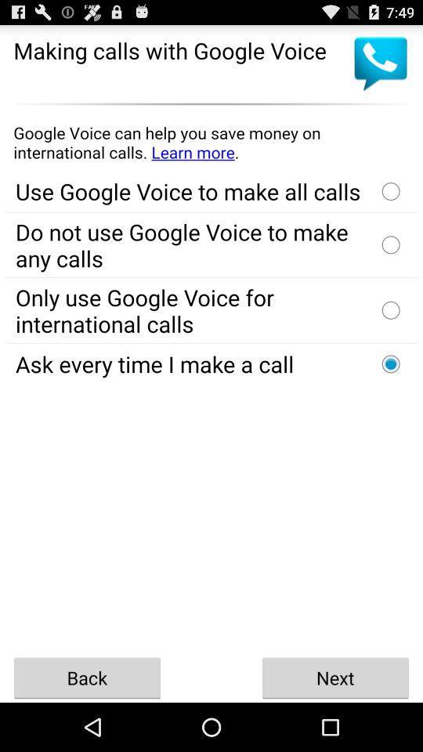 This screenshot has width=423, height=752. Describe the element at coordinates (211, 143) in the screenshot. I see `advertisement` at that location.